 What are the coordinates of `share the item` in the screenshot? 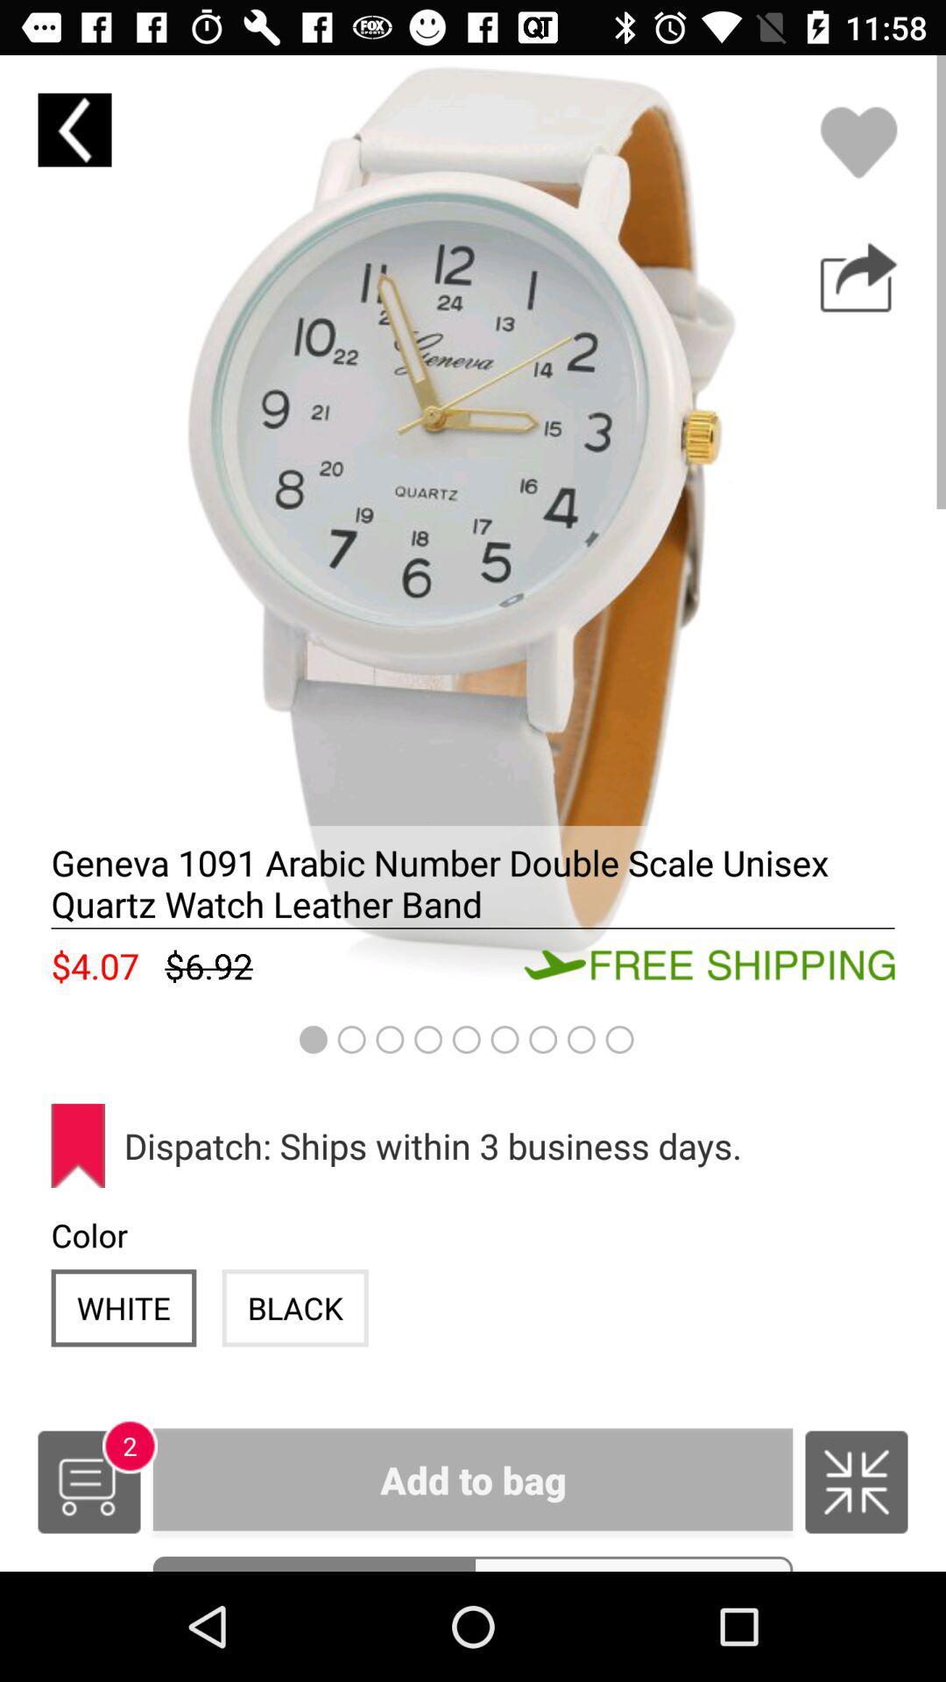 It's located at (858, 277).